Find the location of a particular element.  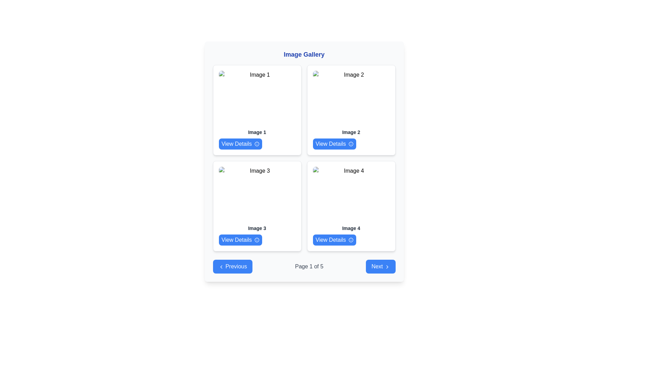

the text label displaying 'Page 1 of 5', which is located between the 'Previous' and 'Next' buttons in the pagination control area is located at coordinates (309, 266).